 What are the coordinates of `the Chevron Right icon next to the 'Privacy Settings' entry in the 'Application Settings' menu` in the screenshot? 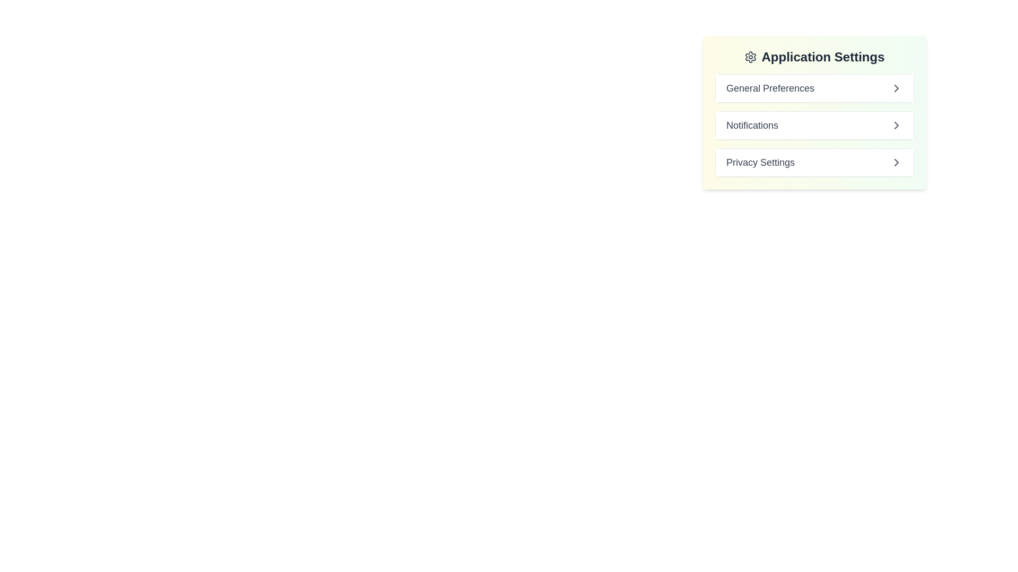 It's located at (896, 163).